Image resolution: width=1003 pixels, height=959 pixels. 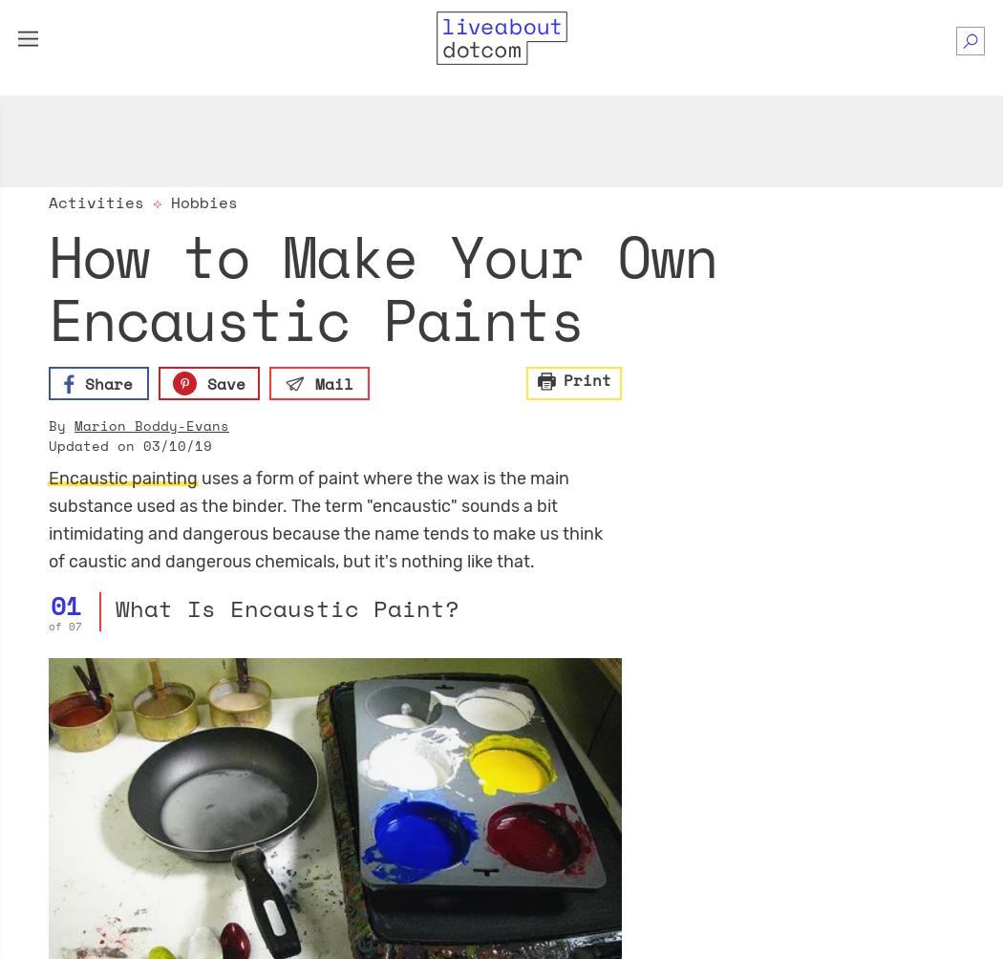 I want to click on 'Hobbies', so click(x=171, y=202).